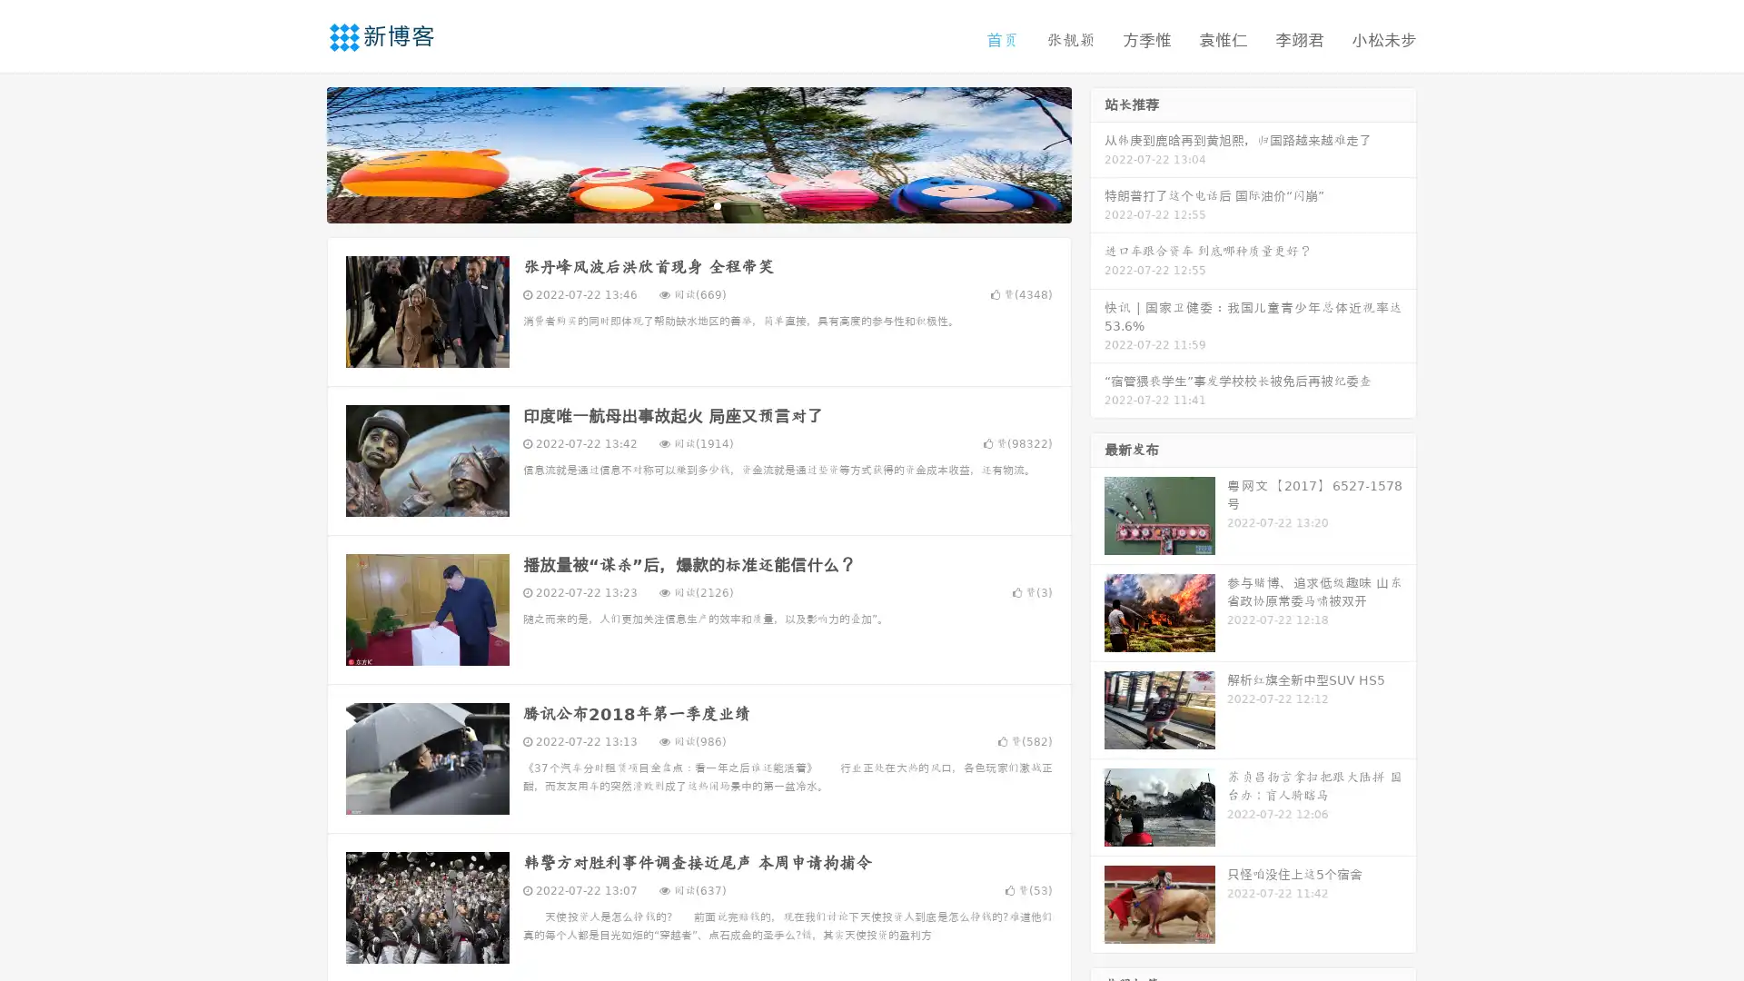 This screenshot has height=981, width=1744. What do you see at coordinates (698, 204) in the screenshot?
I see `Go to slide 2` at bounding box center [698, 204].